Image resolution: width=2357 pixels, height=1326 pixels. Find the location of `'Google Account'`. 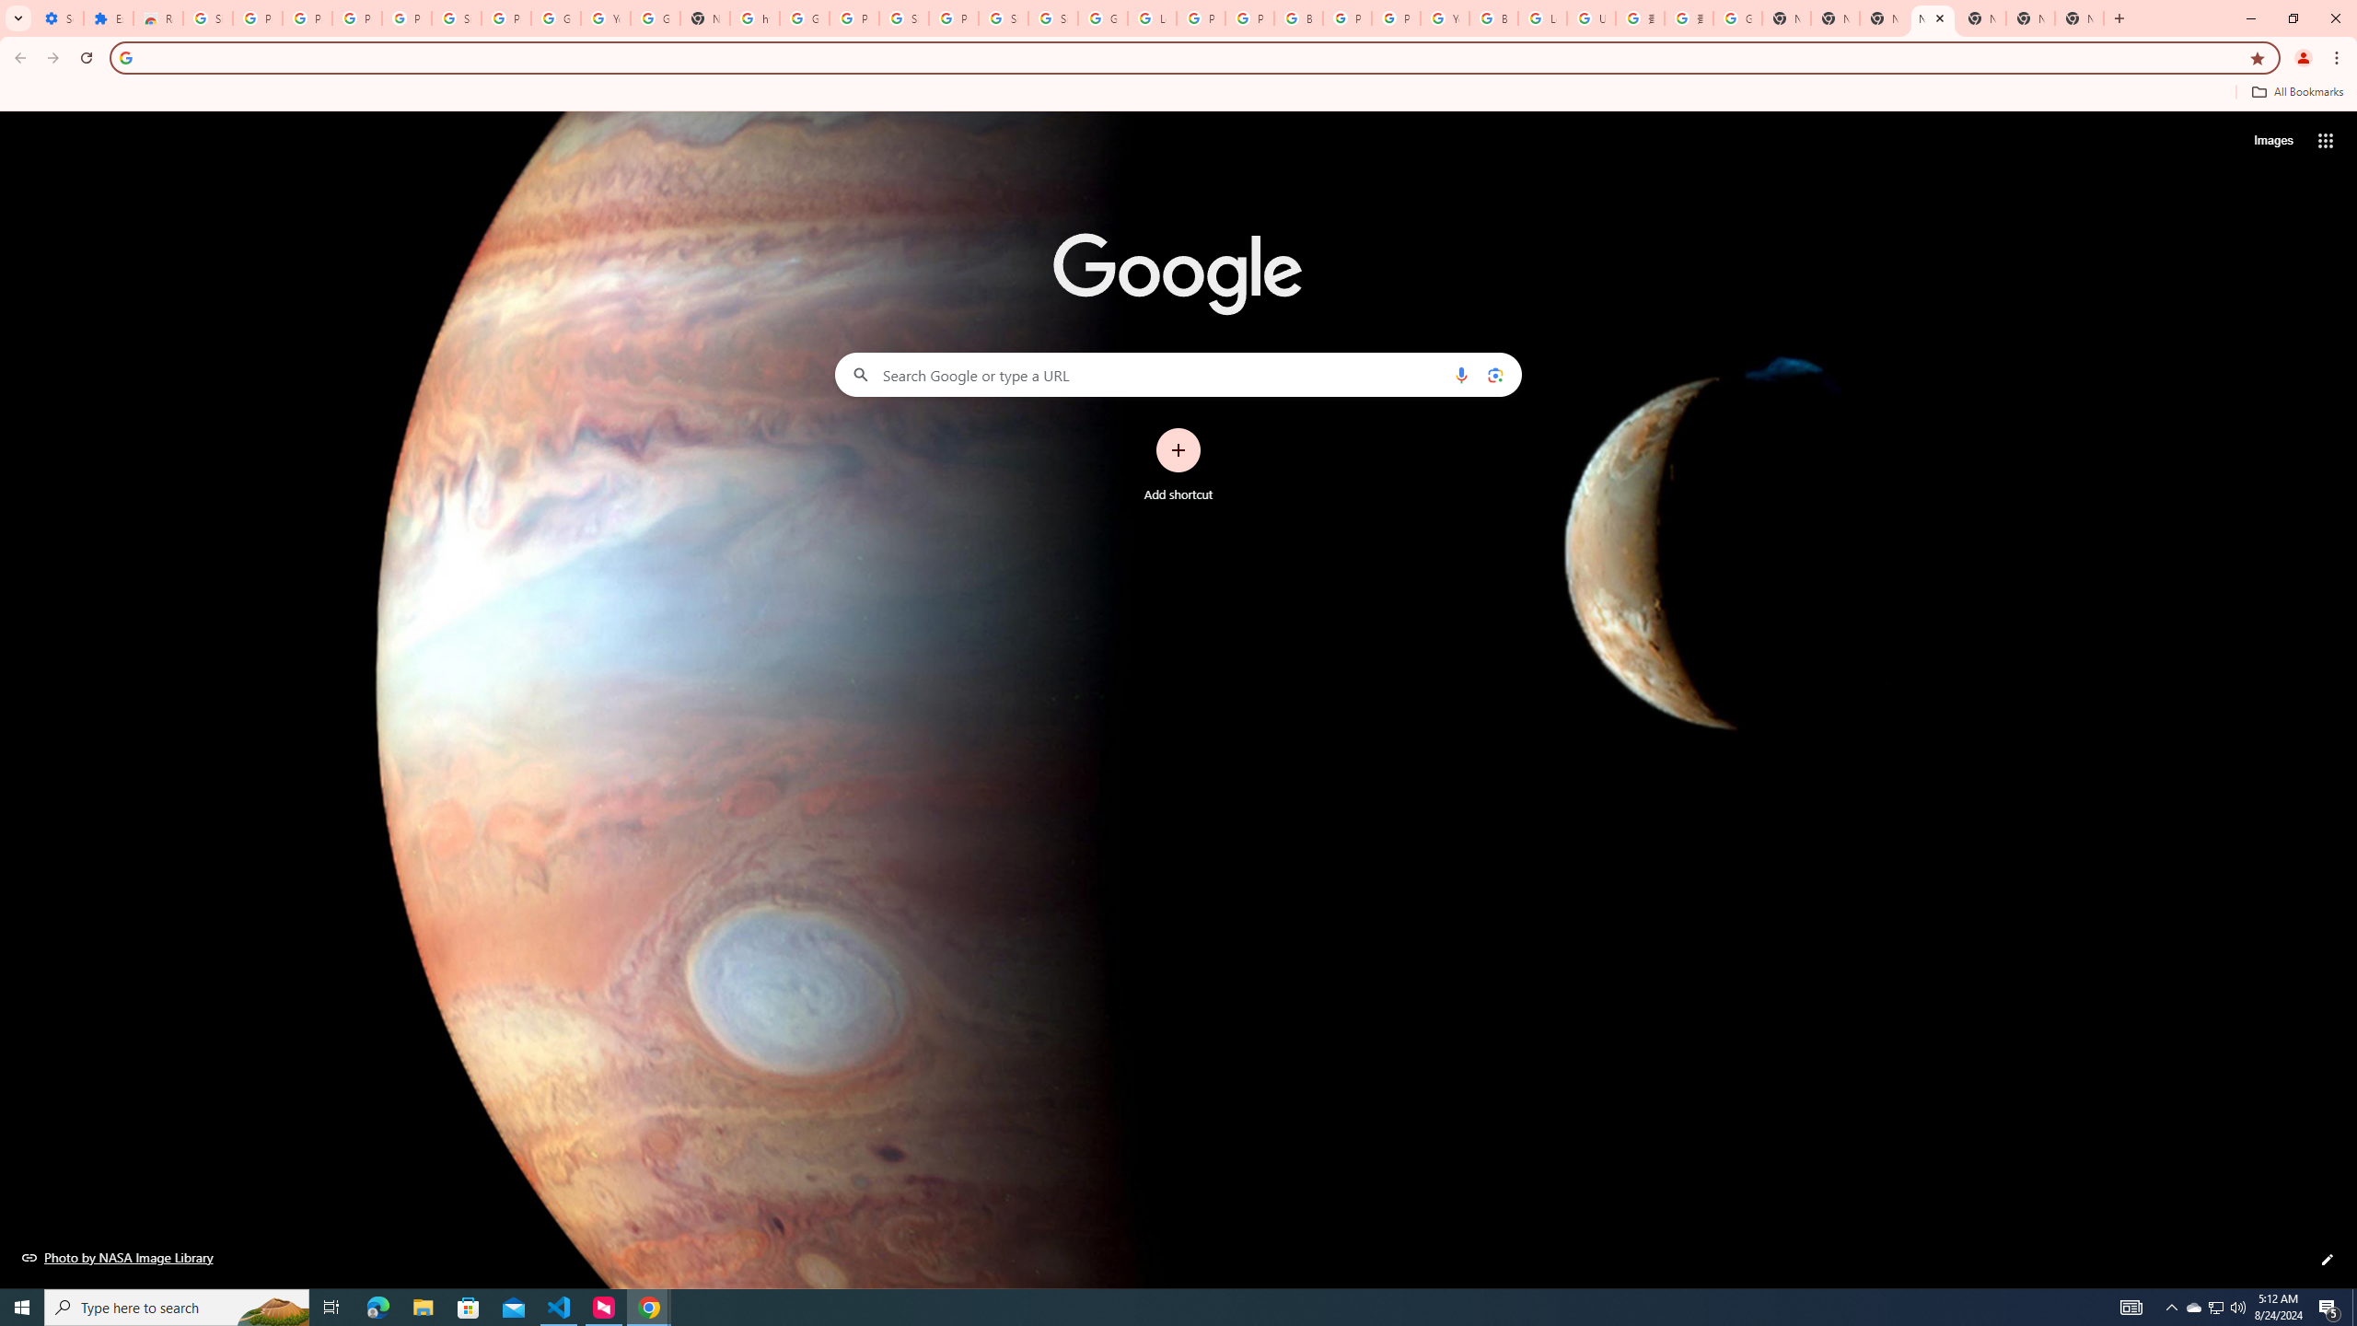

'Google Account' is located at coordinates (555, 17).